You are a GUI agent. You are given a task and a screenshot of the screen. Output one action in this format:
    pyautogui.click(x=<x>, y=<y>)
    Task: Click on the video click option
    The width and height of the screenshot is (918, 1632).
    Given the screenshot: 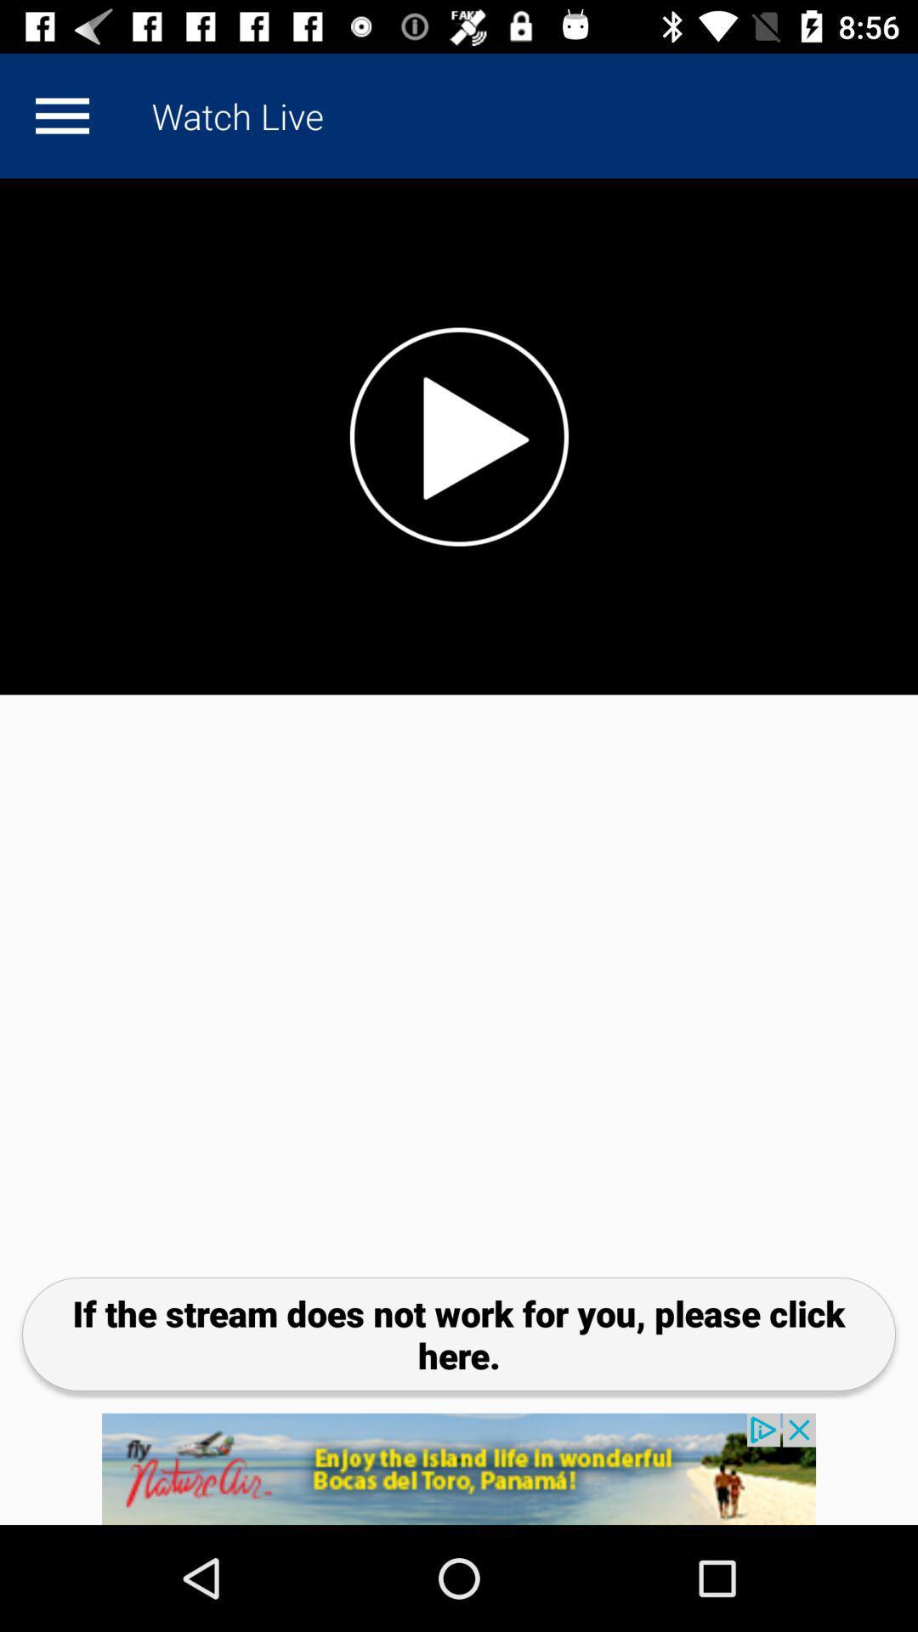 What is the action you would take?
    pyautogui.click(x=459, y=436)
    